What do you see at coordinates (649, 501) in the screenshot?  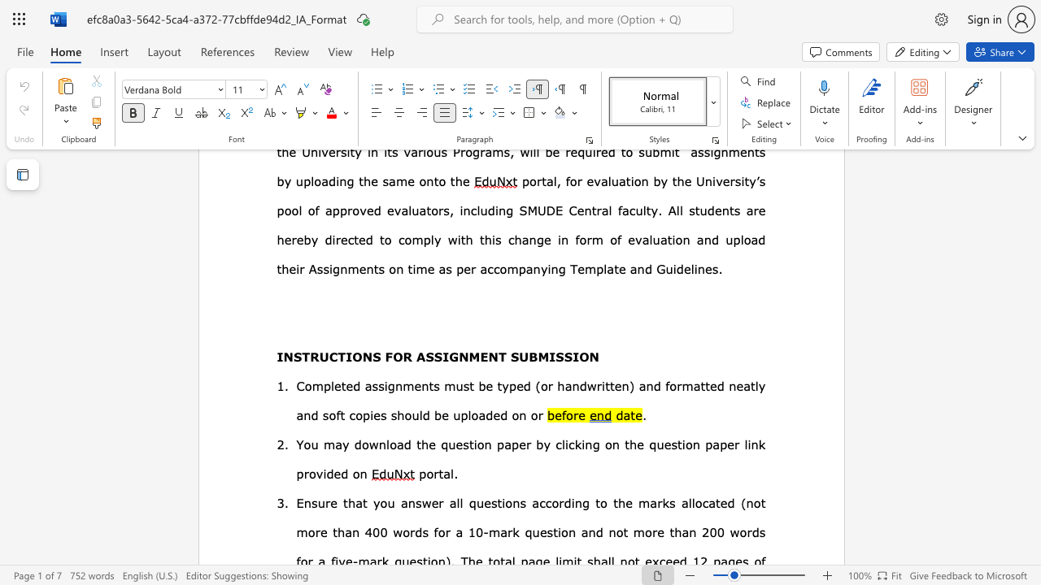 I see `the subset text "arks" within the text "Ensure that you answer all questions according to the marks"` at bounding box center [649, 501].